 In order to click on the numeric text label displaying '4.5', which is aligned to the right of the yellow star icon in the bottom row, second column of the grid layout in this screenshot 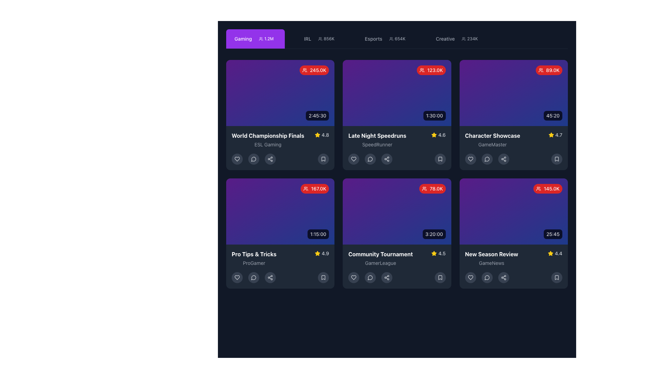, I will do `click(442, 254)`.